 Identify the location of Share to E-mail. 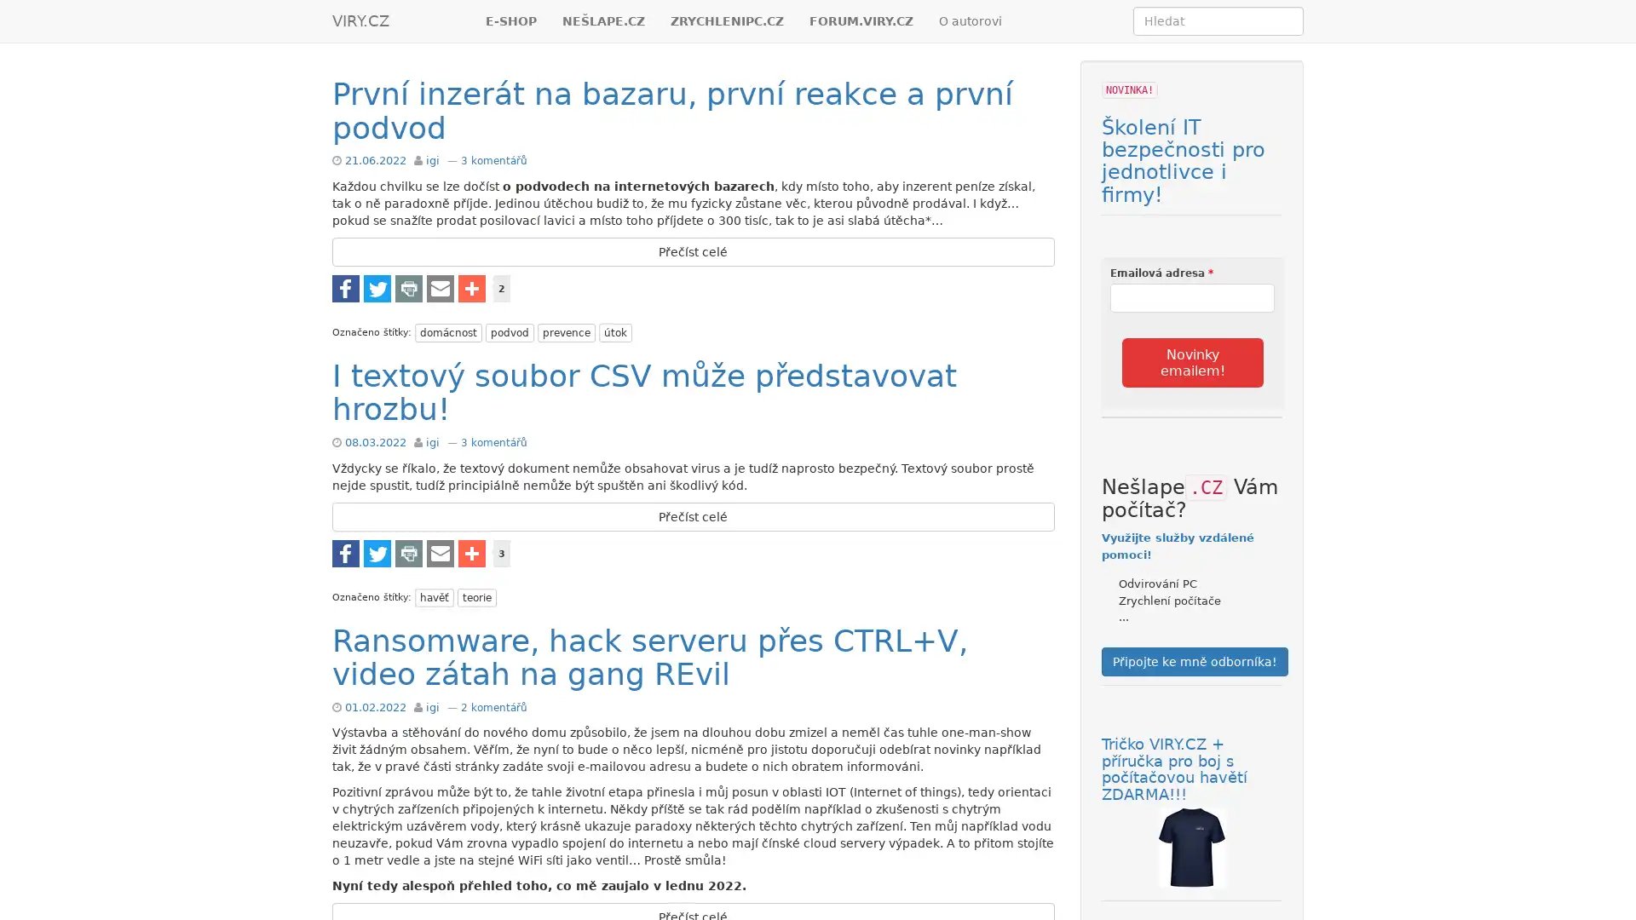
(441, 552).